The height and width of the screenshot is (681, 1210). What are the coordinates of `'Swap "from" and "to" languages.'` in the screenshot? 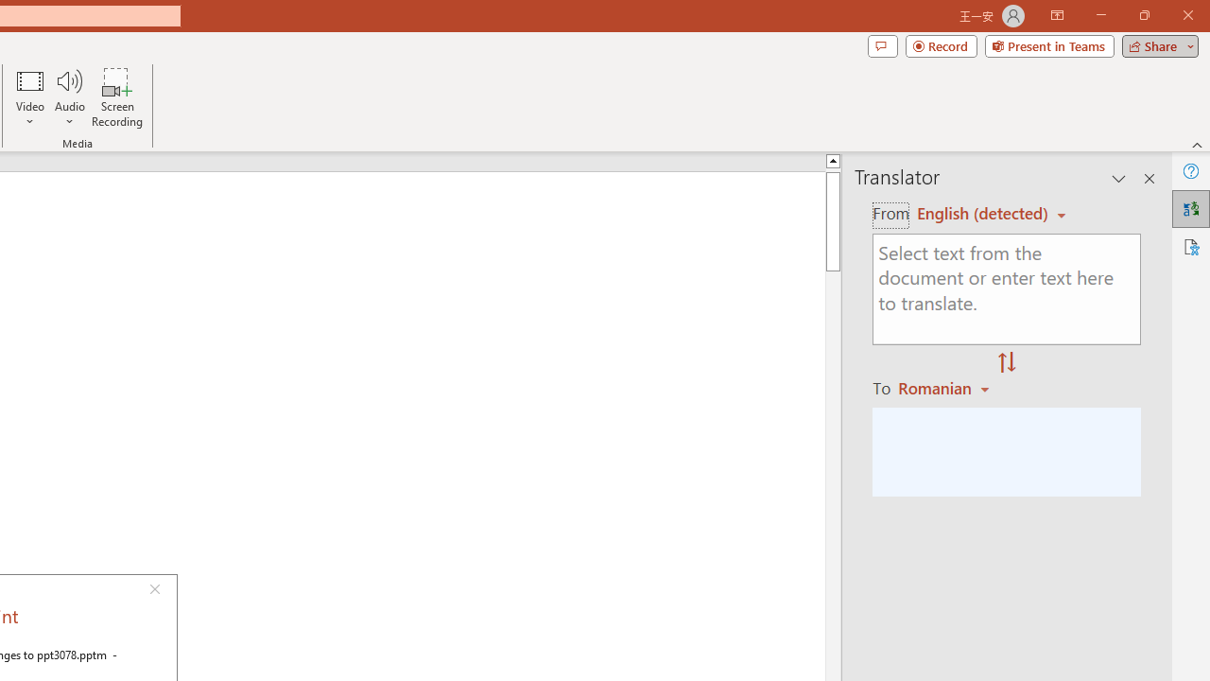 It's located at (1006, 363).